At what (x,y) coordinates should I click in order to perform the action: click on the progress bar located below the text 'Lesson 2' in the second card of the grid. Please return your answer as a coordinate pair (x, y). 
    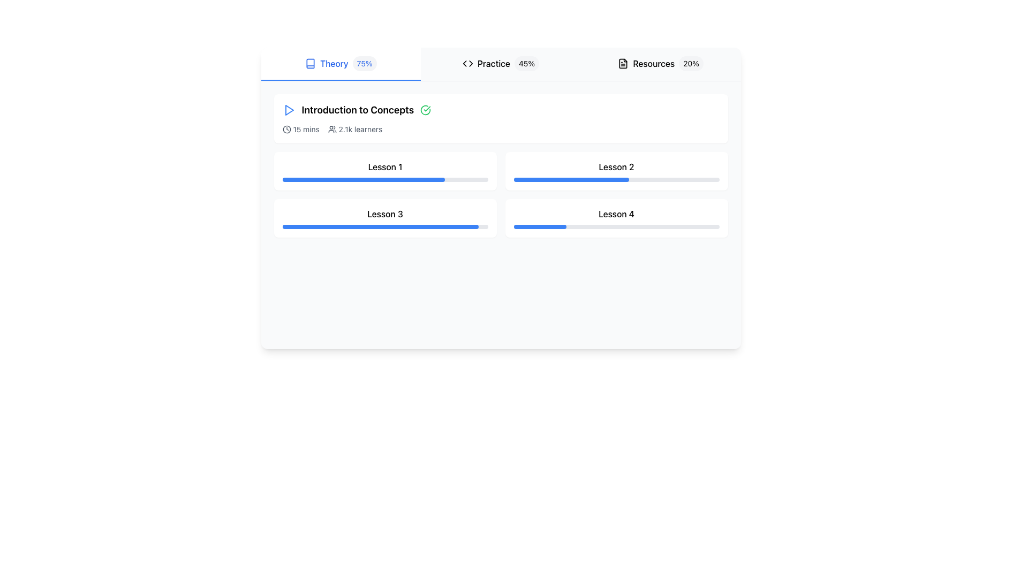
    Looking at the image, I should click on (616, 179).